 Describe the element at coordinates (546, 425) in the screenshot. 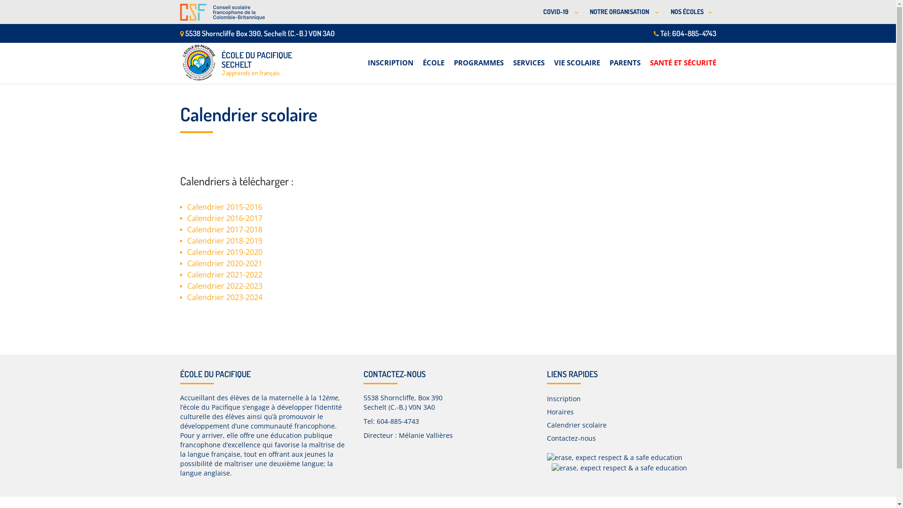

I see `'Calendrier scolaire'` at that location.